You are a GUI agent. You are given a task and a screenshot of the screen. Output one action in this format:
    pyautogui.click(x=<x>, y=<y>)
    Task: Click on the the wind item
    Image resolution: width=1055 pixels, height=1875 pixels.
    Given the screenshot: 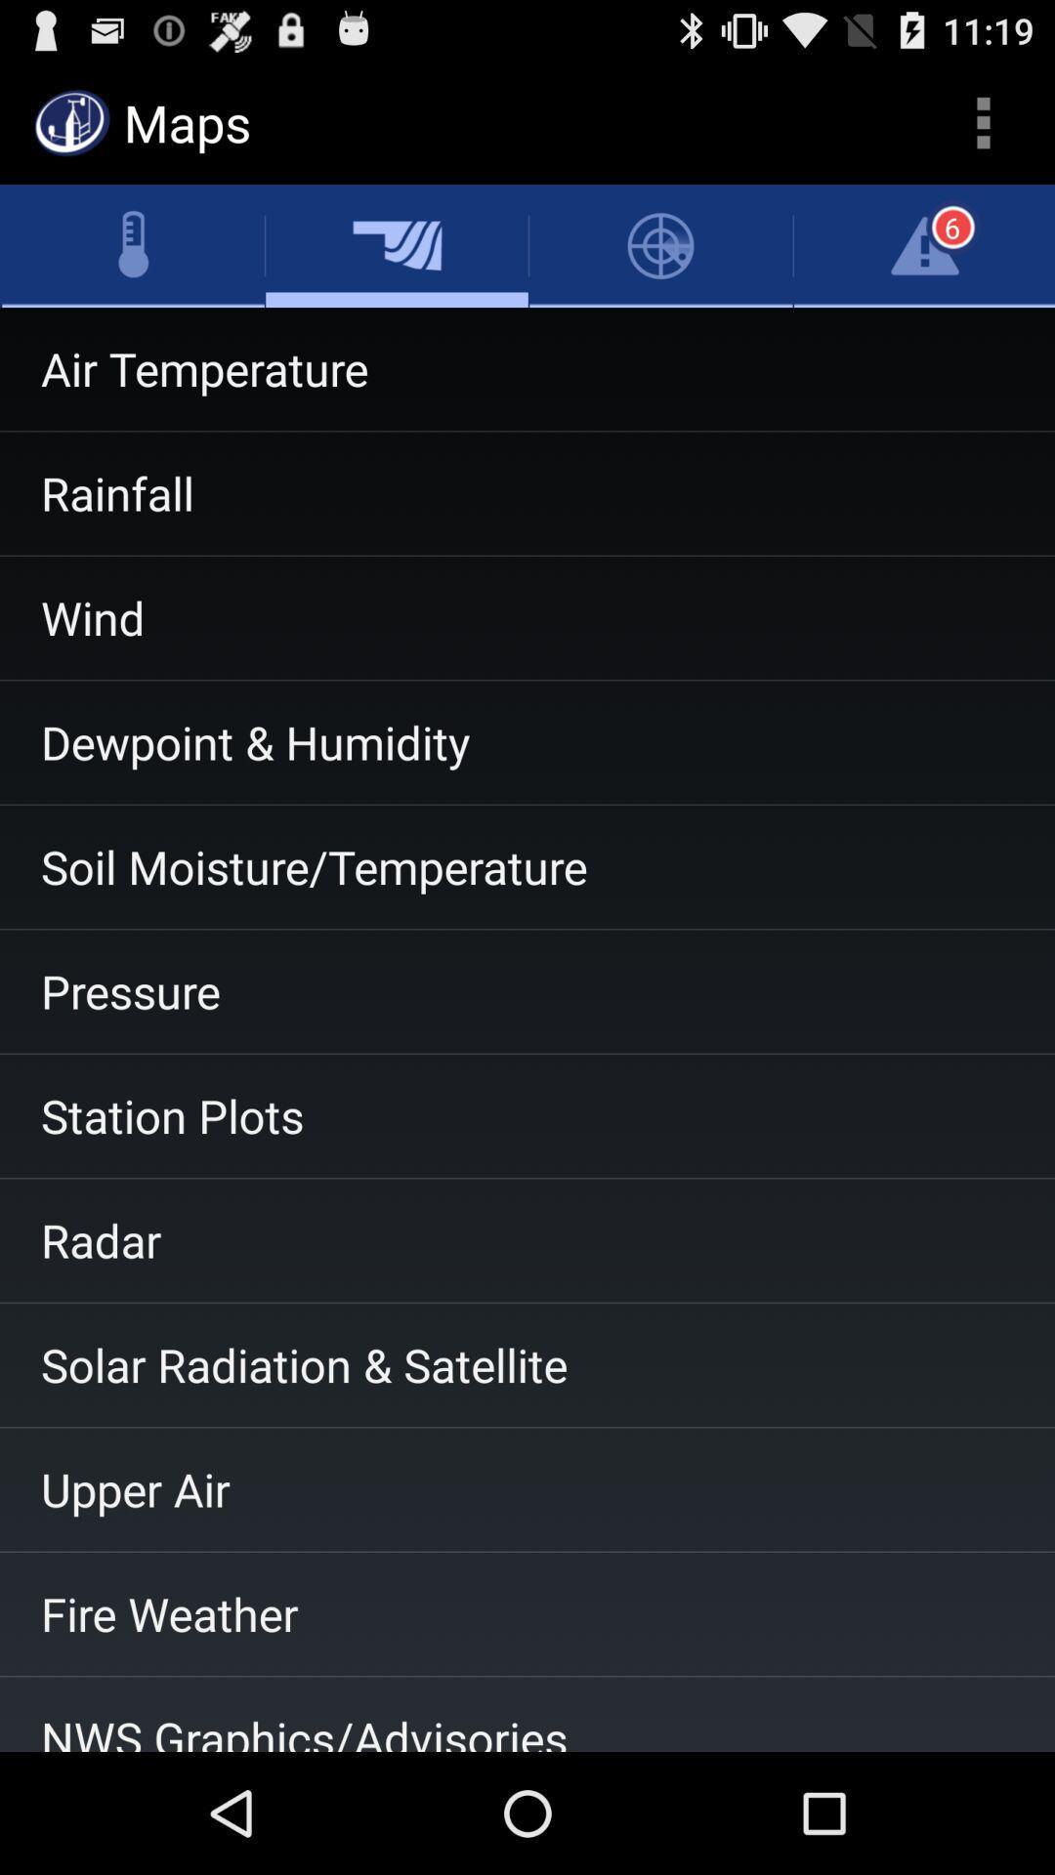 What is the action you would take?
    pyautogui.click(x=527, y=617)
    